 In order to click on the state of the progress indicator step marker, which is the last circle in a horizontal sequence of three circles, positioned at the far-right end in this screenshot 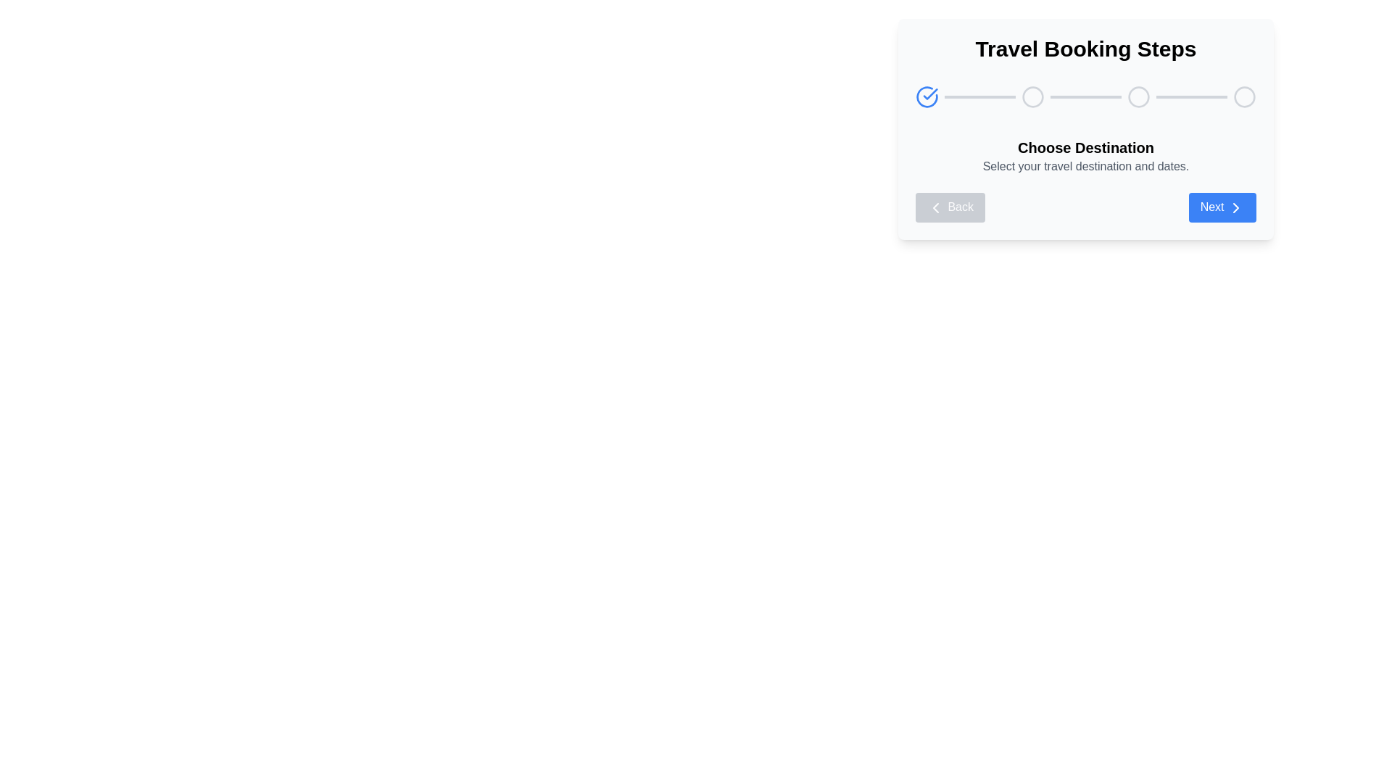, I will do `click(1244, 96)`.